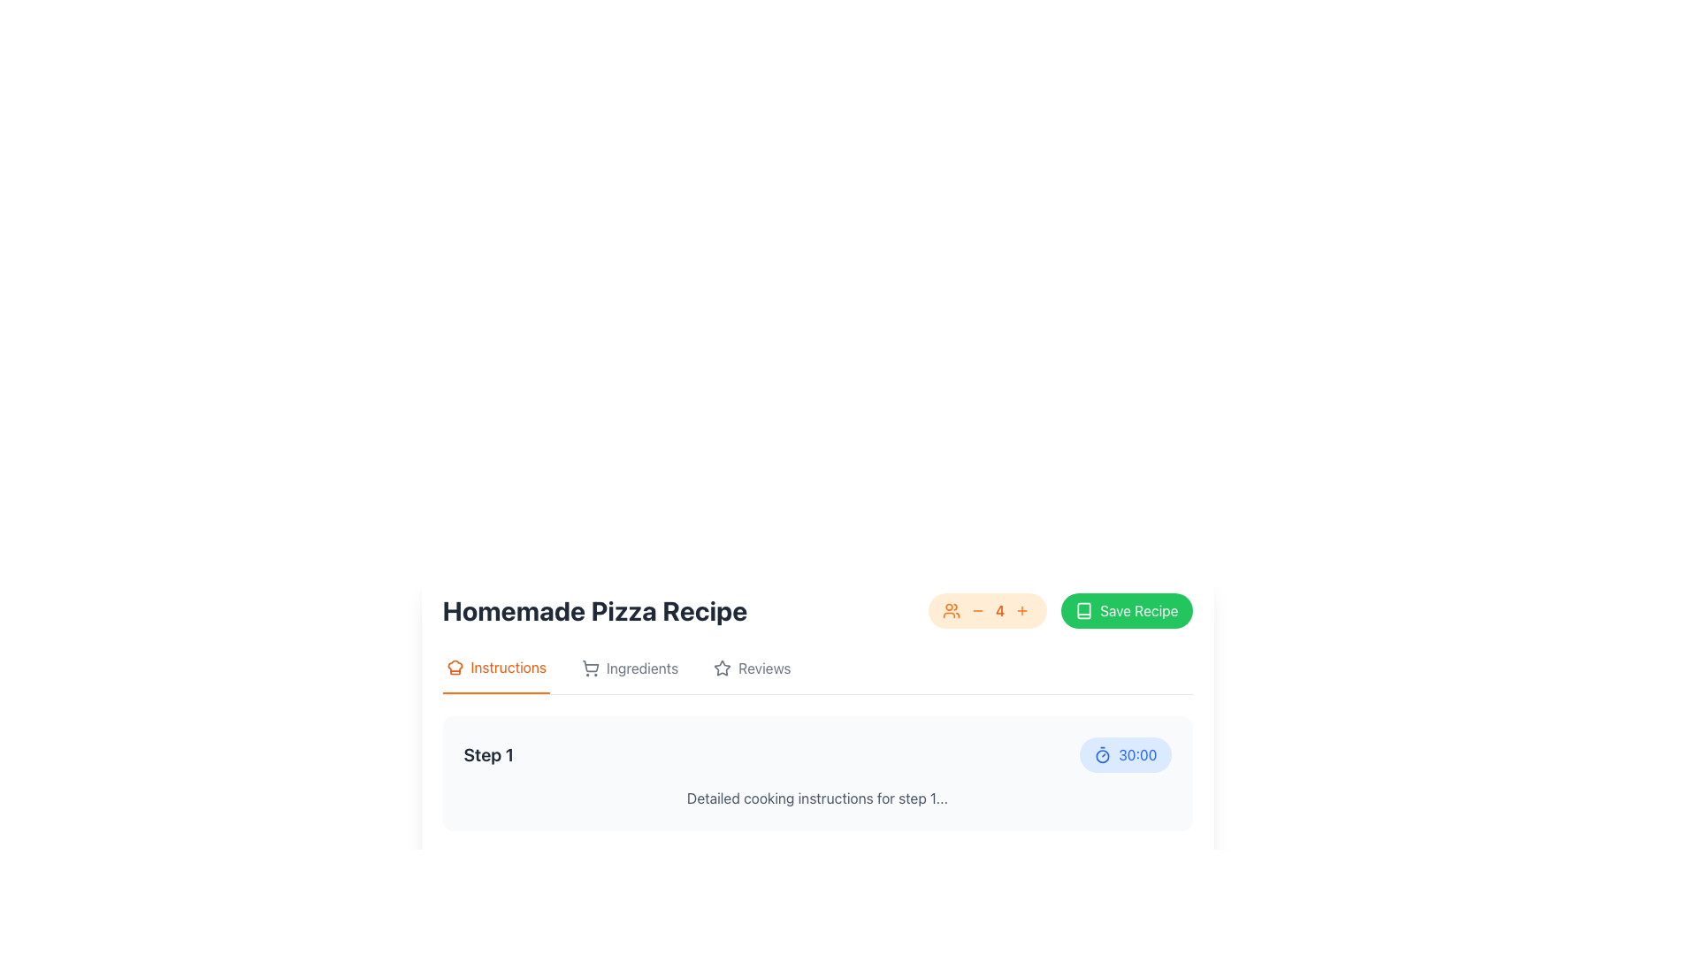  I want to click on the Text Label that contains the word 'Instructions' in a bold orange font, located within the navigation bar next to the chef's hat icon, so click(508, 668).